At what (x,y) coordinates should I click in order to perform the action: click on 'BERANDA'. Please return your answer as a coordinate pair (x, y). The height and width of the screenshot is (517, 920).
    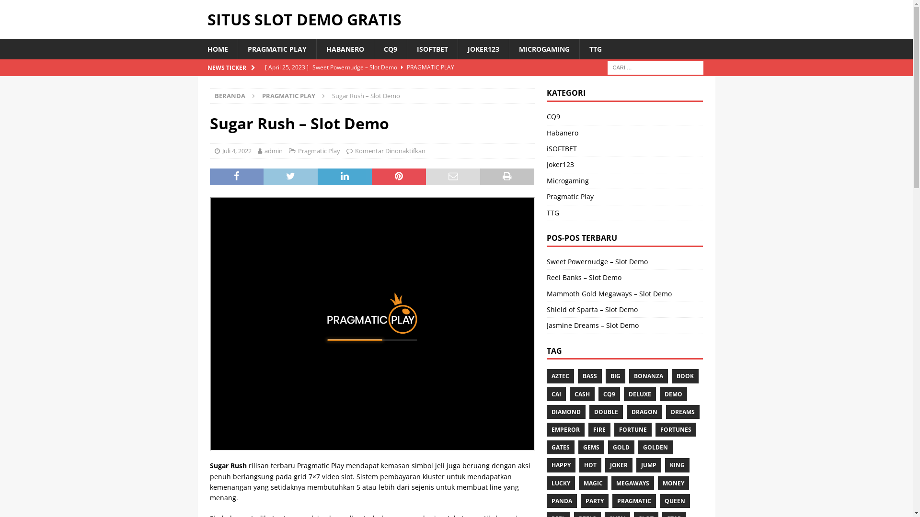
    Looking at the image, I should click on (214, 96).